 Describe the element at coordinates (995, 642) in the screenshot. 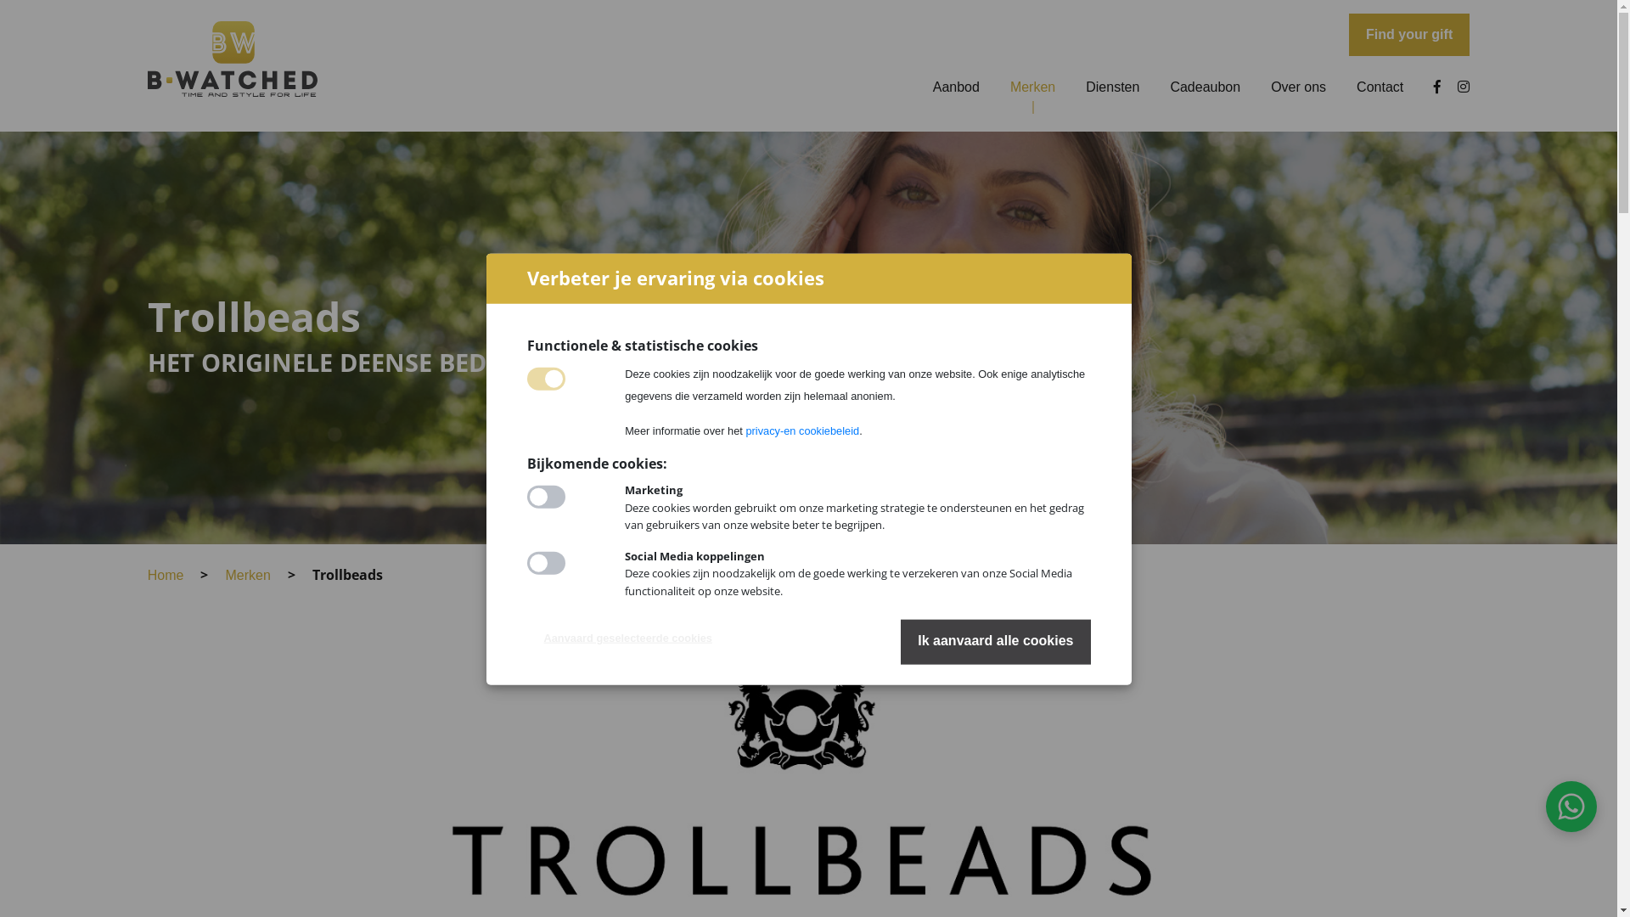

I see `'Ik aanvaard alle cookies'` at that location.